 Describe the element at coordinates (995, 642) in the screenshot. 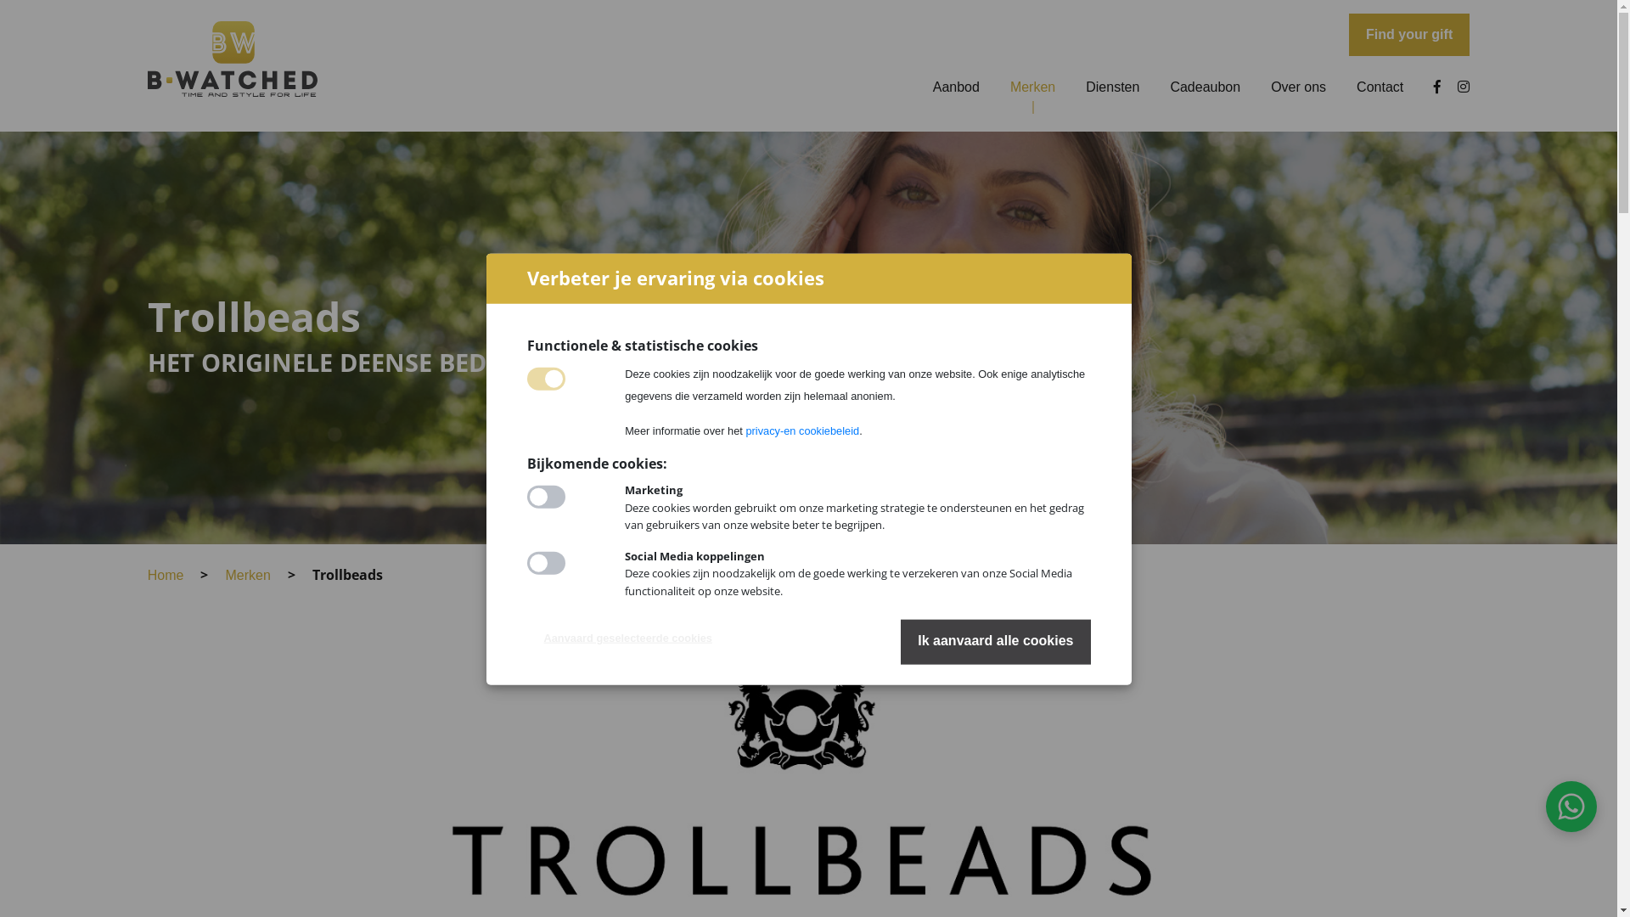

I see `'Ik aanvaard alle cookies'` at that location.